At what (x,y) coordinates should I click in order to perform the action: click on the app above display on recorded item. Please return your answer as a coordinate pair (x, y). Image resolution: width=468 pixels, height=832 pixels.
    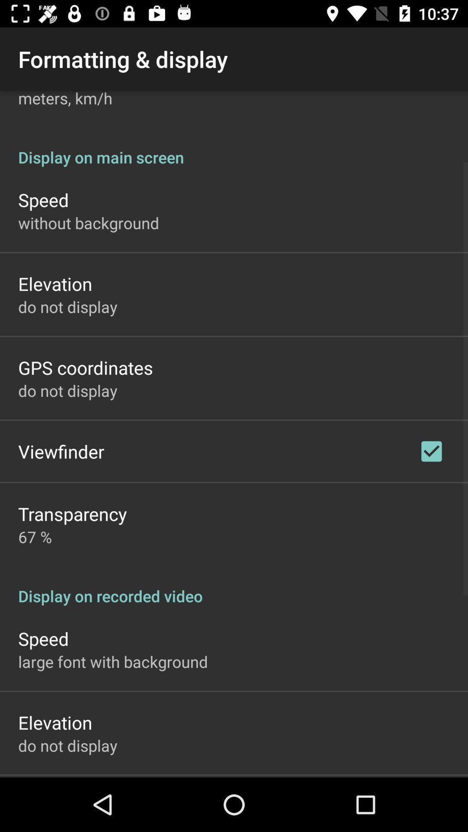
    Looking at the image, I should click on (431, 451).